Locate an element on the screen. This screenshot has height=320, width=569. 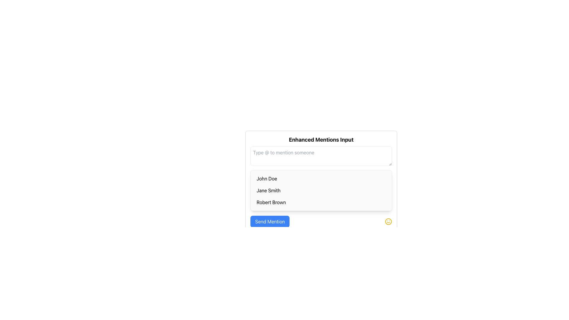
to select the first list item displaying the name 'John Doe' in the dropdown interface is located at coordinates (321, 178).